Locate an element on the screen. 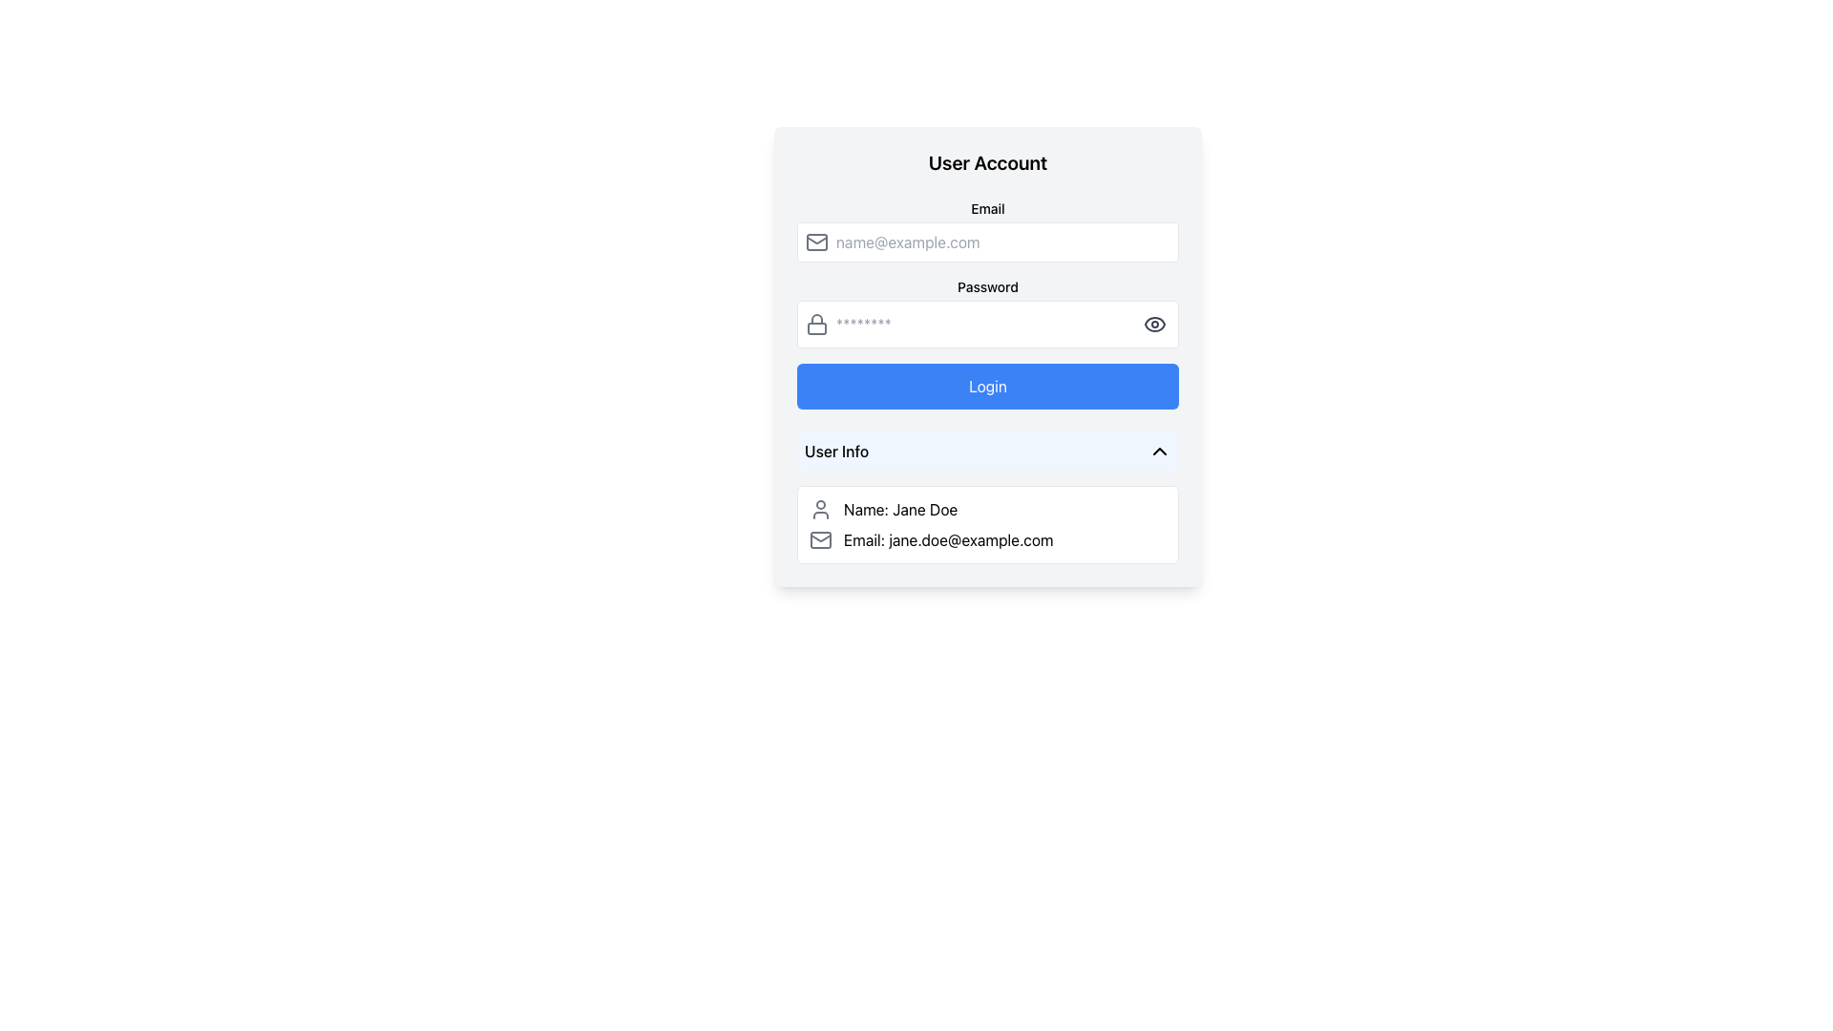  the user icon representing 'Name: Jane Doe', which is located to the immediate left of the text in the 'User Info' section is located at coordinates (820, 508).